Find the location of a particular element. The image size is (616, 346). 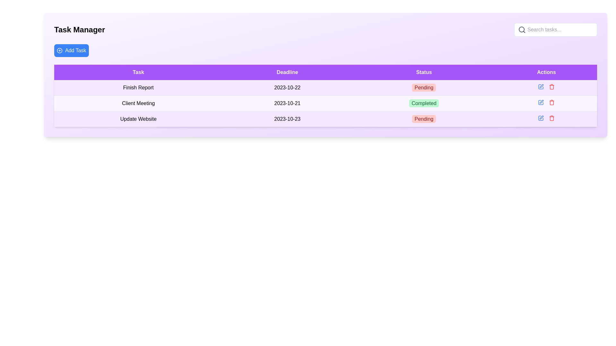

the SVG icon representing the action of adding a new task, which is located to the left of the 'Add Task' button is located at coordinates (60, 50).